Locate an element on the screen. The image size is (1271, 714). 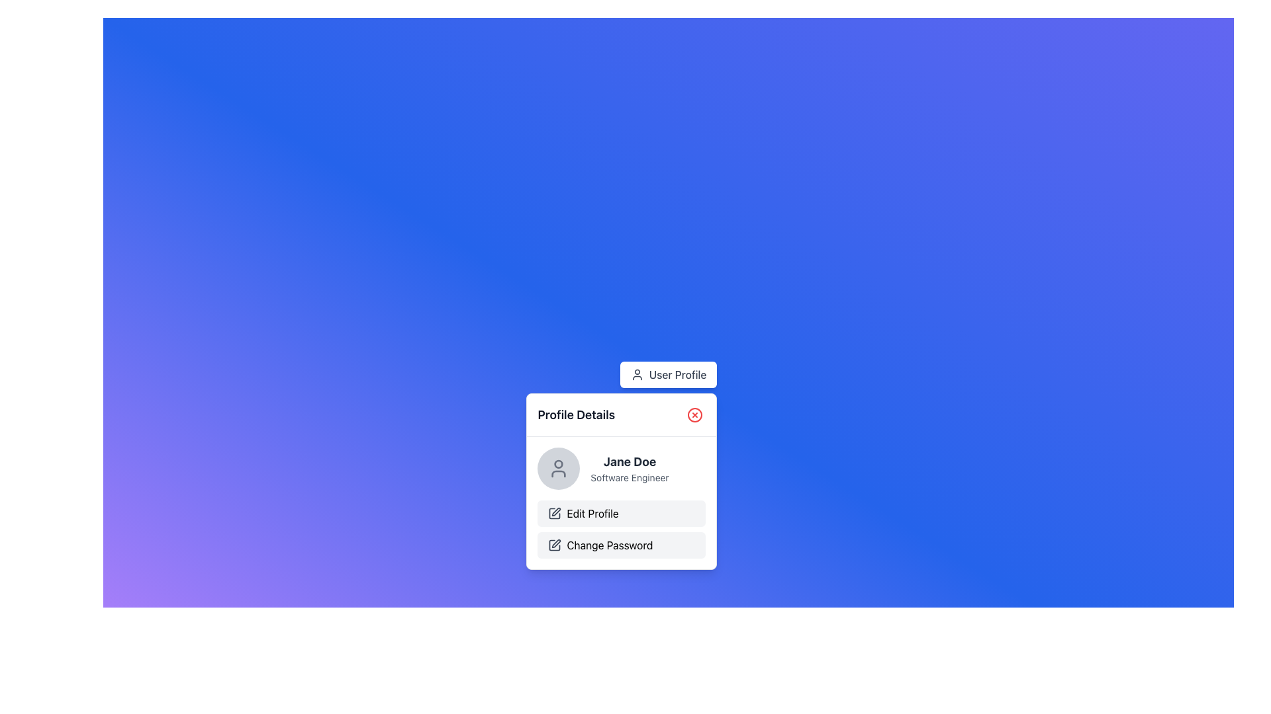
the 'Change Password' button located in the context menu below the 'Edit Profile' option is located at coordinates (621, 545).